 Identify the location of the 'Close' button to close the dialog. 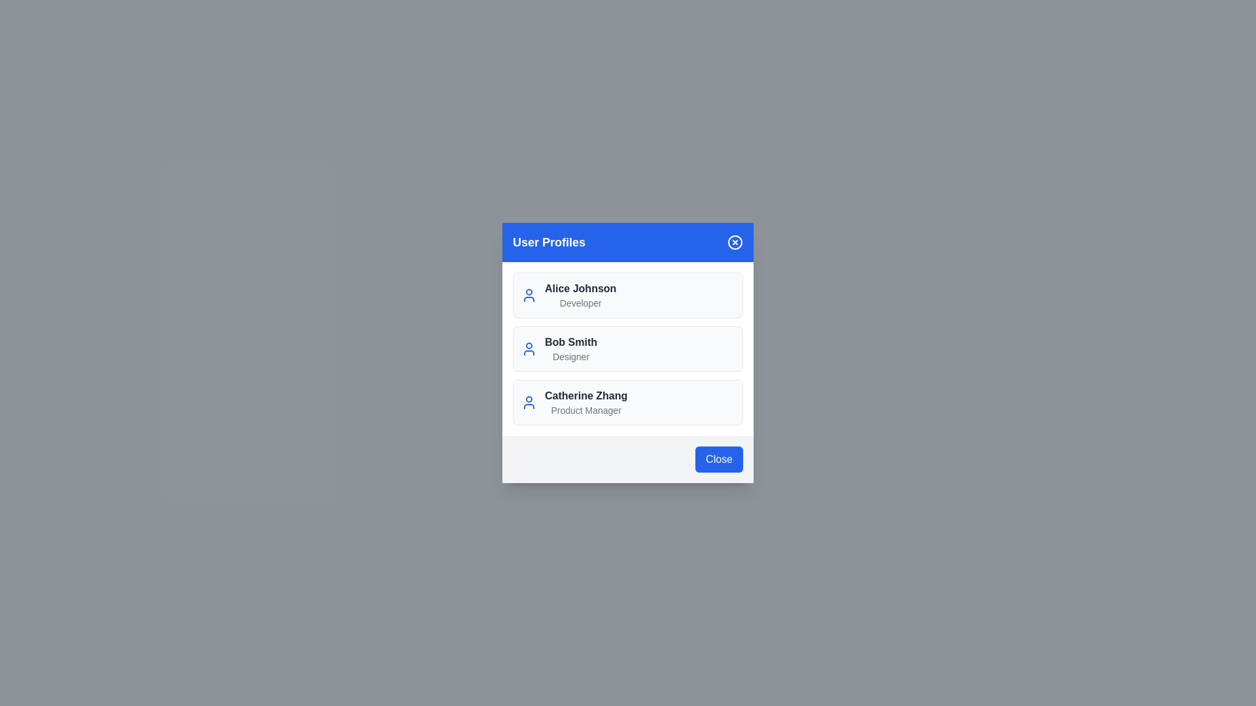
(718, 458).